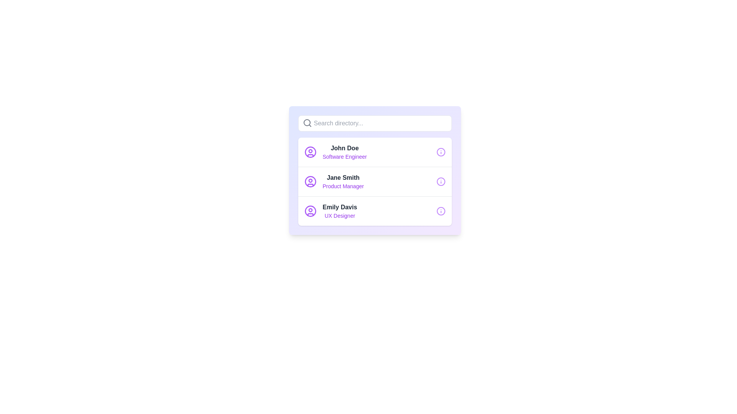 The width and height of the screenshot is (737, 414). Describe the element at coordinates (375, 152) in the screenshot. I see `the first selectable list item in the user directory that represents 'John Doe'` at that location.